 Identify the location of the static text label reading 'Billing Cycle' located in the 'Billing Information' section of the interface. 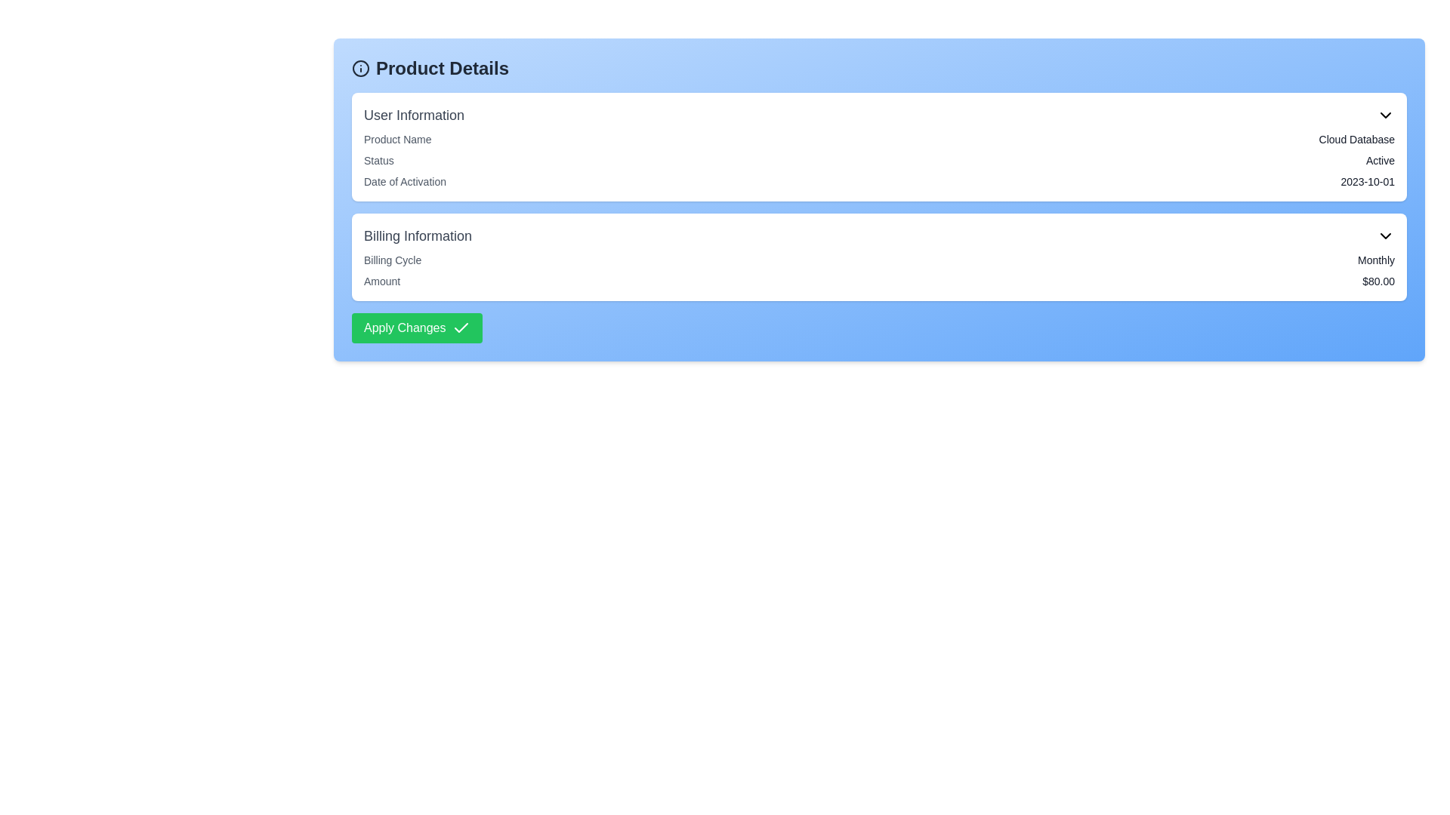
(393, 259).